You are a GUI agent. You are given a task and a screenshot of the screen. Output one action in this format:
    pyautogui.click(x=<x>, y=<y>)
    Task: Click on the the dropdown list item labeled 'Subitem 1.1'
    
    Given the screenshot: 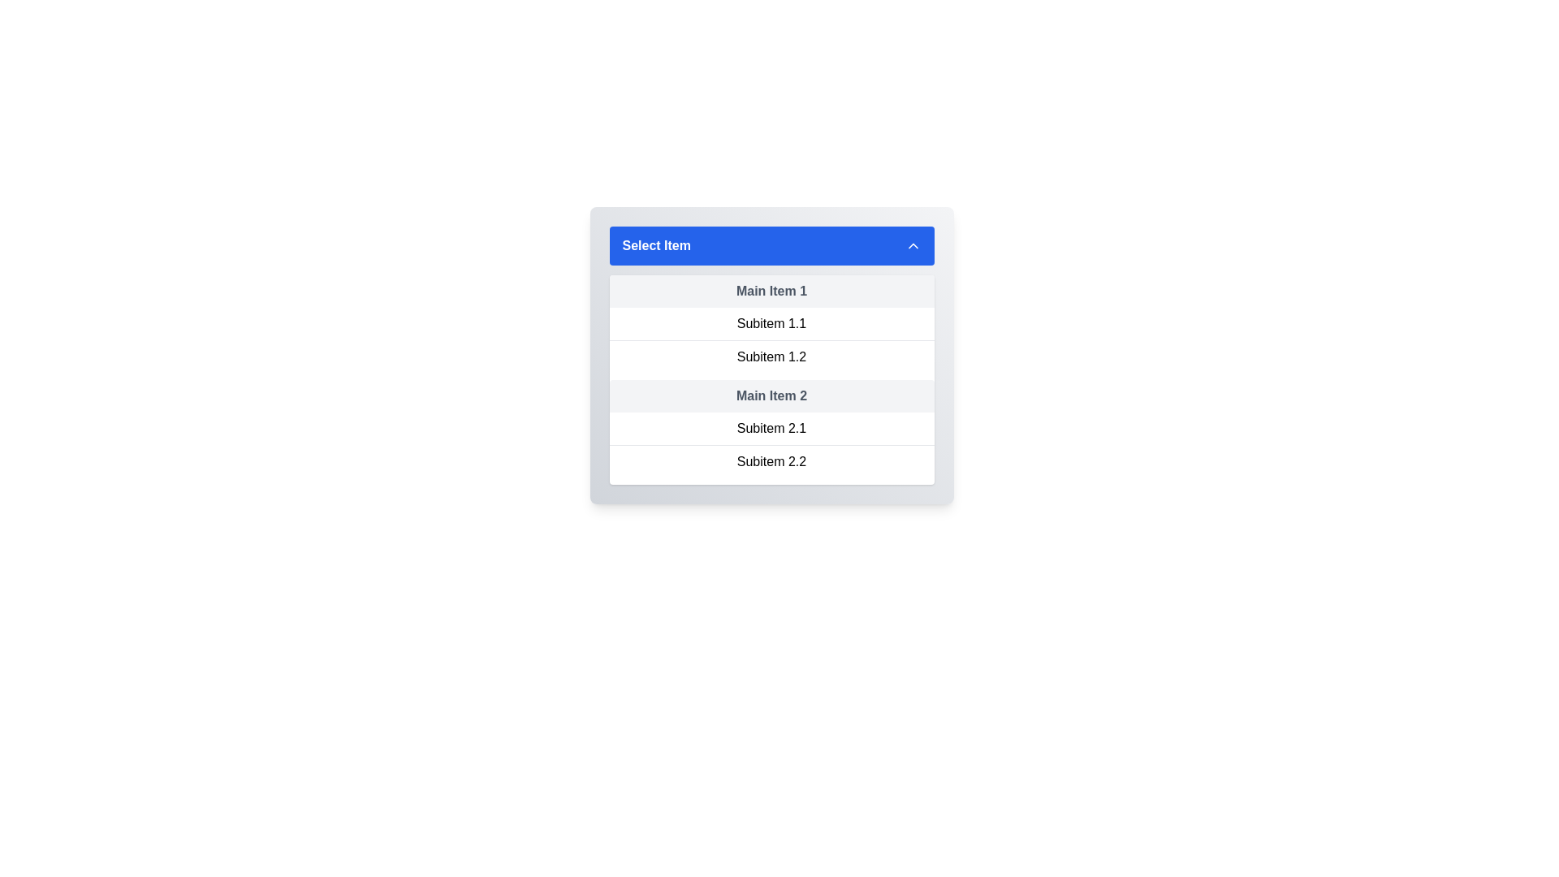 What is the action you would take?
    pyautogui.click(x=771, y=323)
    